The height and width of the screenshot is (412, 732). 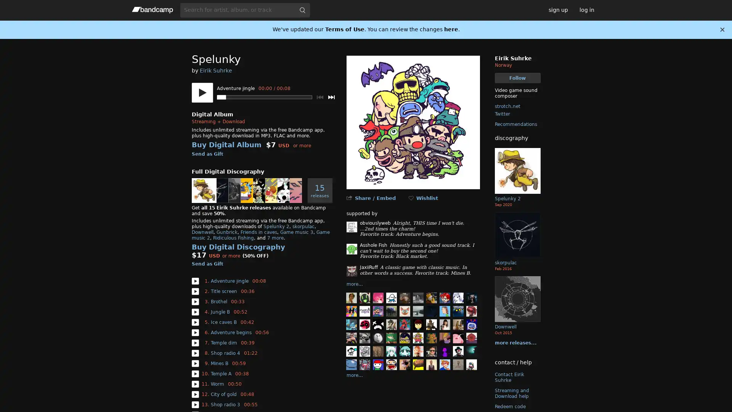 I want to click on Play Ice caves B, so click(x=195, y=322).